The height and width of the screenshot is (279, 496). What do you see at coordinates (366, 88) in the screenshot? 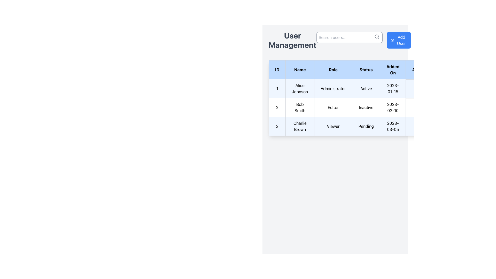
I see `the Text Display element that shows the status 'Active' for 'Alice Johnson' in the Status column of the table` at bounding box center [366, 88].